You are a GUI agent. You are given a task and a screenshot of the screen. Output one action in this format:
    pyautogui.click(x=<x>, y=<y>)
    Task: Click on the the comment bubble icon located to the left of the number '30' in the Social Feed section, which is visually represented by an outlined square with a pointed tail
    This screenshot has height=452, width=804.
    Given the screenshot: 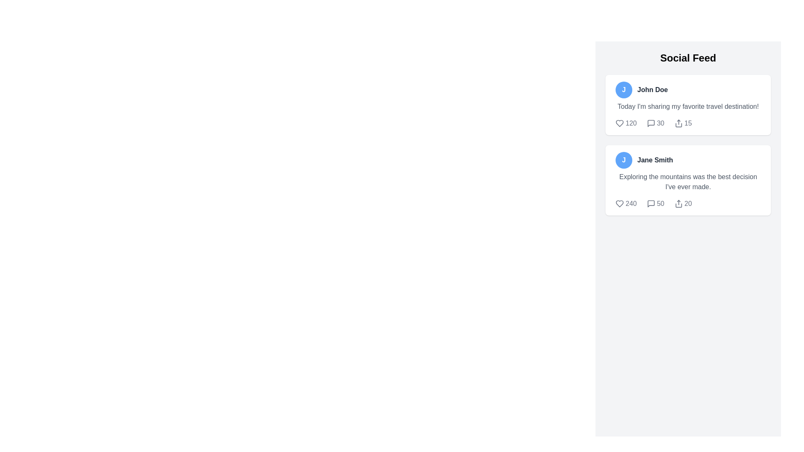 What is the action you would take?
    pyautogui.click(x=650, y=123)
    